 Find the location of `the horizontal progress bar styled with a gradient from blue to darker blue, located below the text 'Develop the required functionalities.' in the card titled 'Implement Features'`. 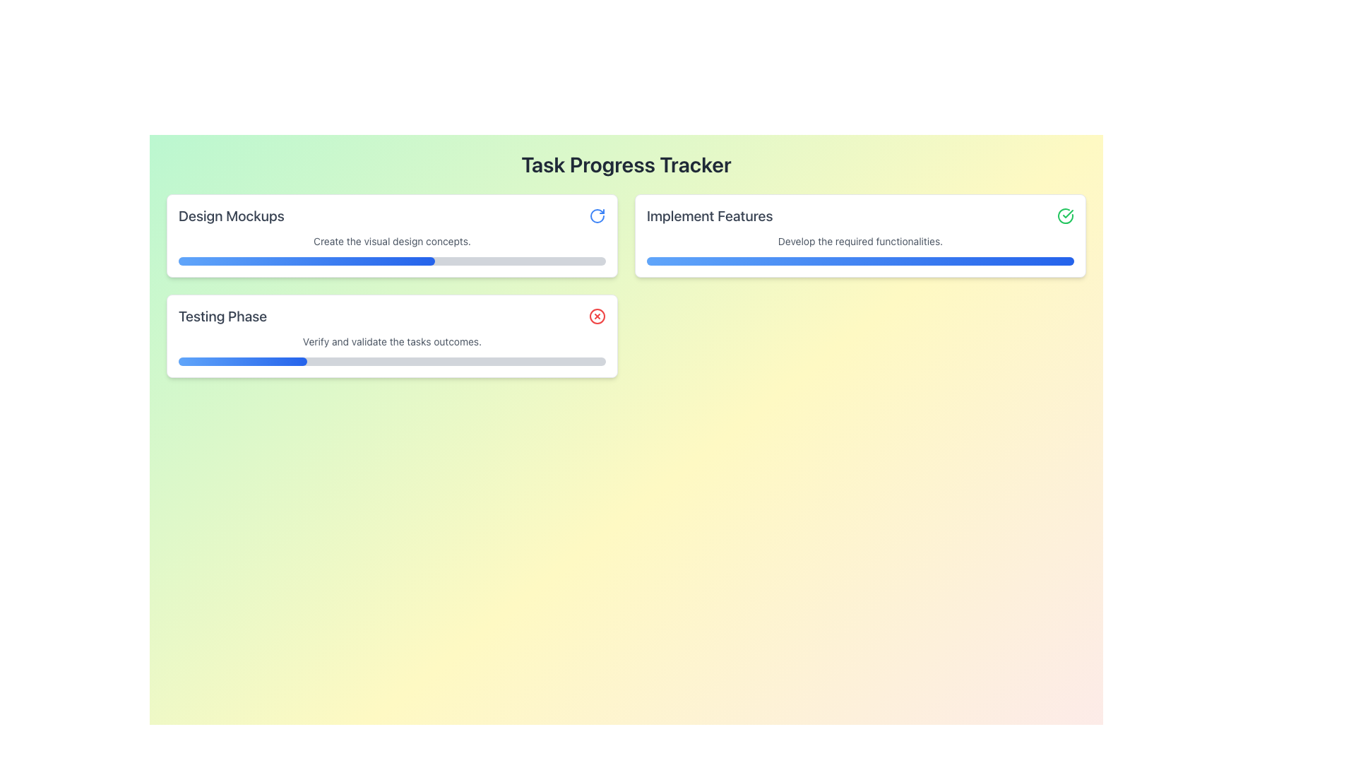

the horizontal progress bar styled with a gradient from blue to darker blue, located below the text 'Develop the required functionalities.' in the card titled 'Implement Features' is located at coordinates (860, 261).